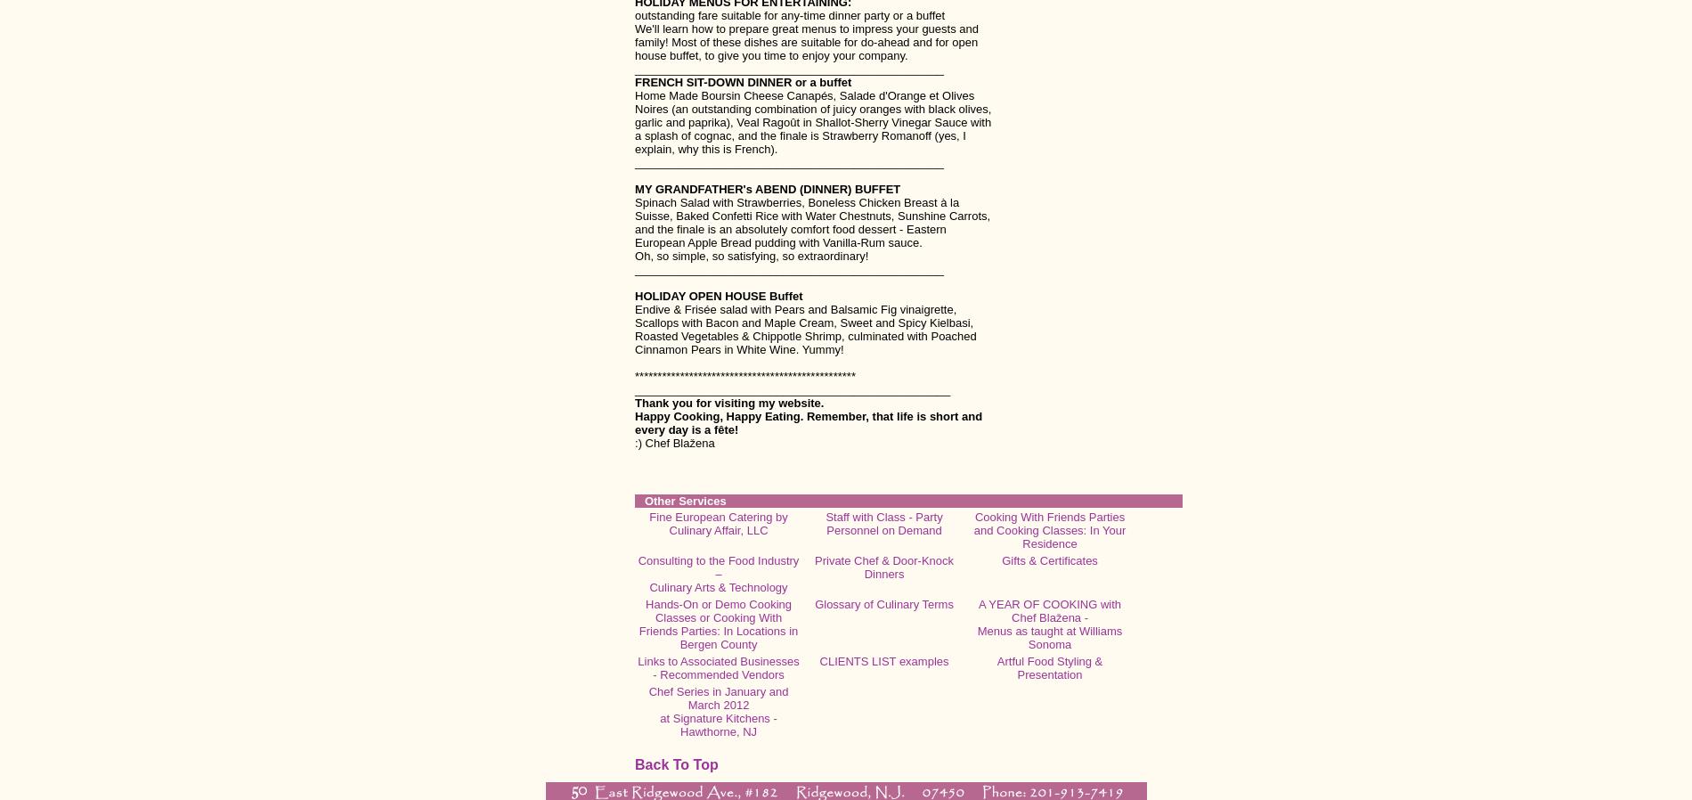  I want to click on 'Artful Food Styling & Presentation', so click(996, 668).